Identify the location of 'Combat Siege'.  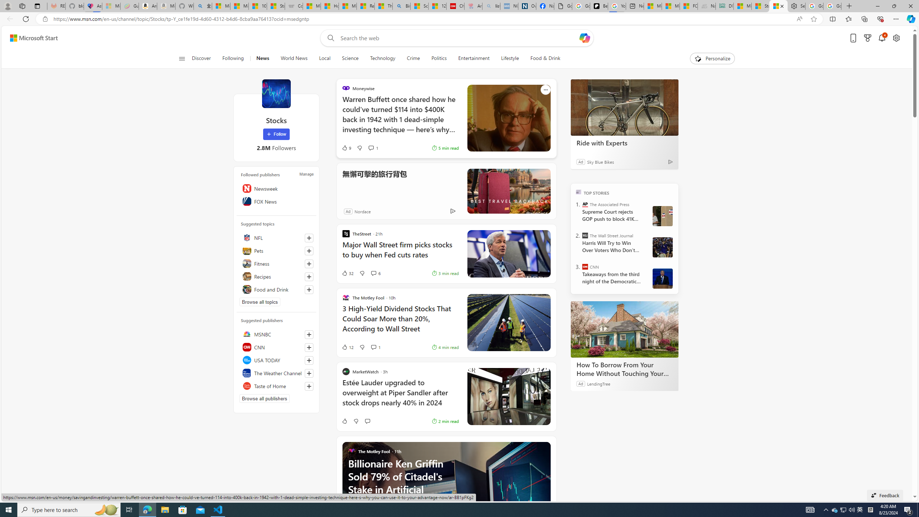
(294, 6).